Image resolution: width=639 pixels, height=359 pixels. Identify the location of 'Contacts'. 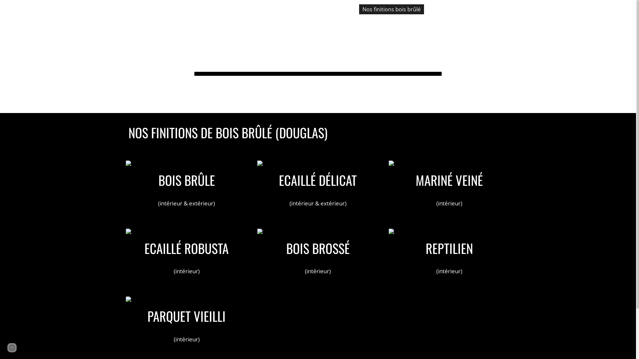
(554, 9).